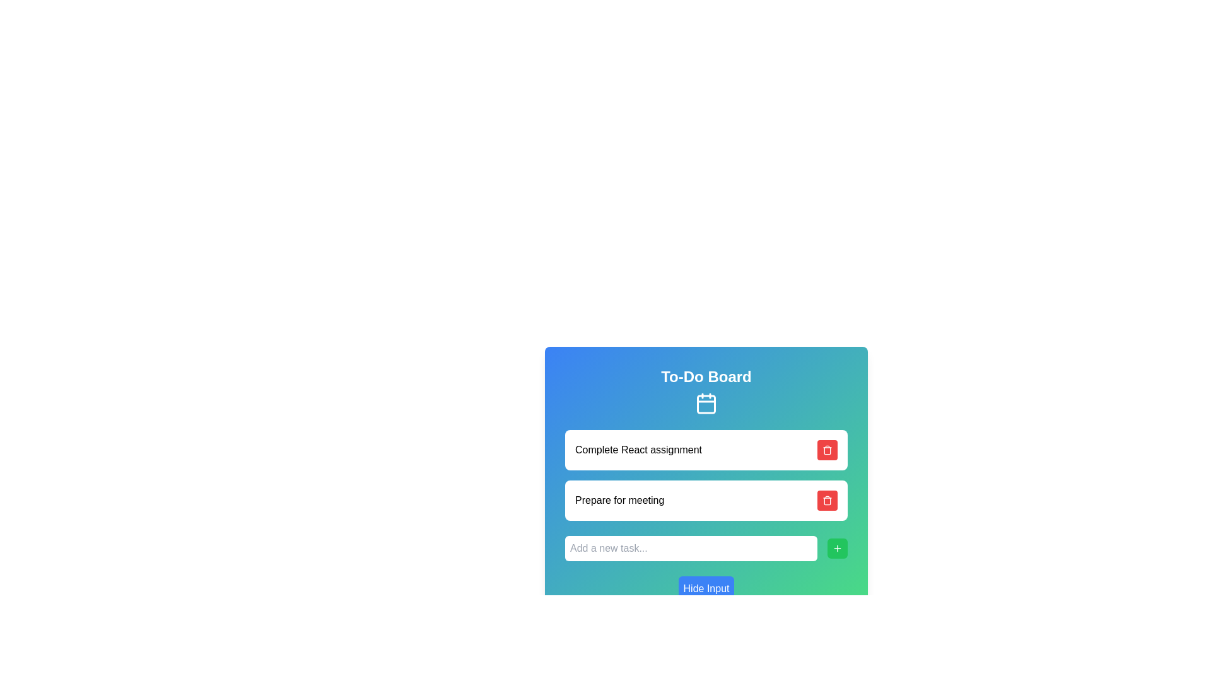 This screenshot has width=1211, height=681. I want to click on the second interactive list item containing the text 'Prepare for meeting', so click(705, 483).